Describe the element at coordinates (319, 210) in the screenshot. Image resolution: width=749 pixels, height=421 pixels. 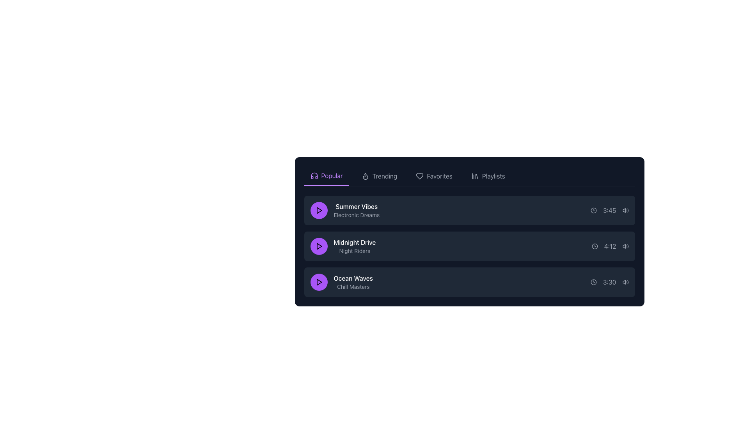
I see `the circular button with a triangular play icon` at that location.